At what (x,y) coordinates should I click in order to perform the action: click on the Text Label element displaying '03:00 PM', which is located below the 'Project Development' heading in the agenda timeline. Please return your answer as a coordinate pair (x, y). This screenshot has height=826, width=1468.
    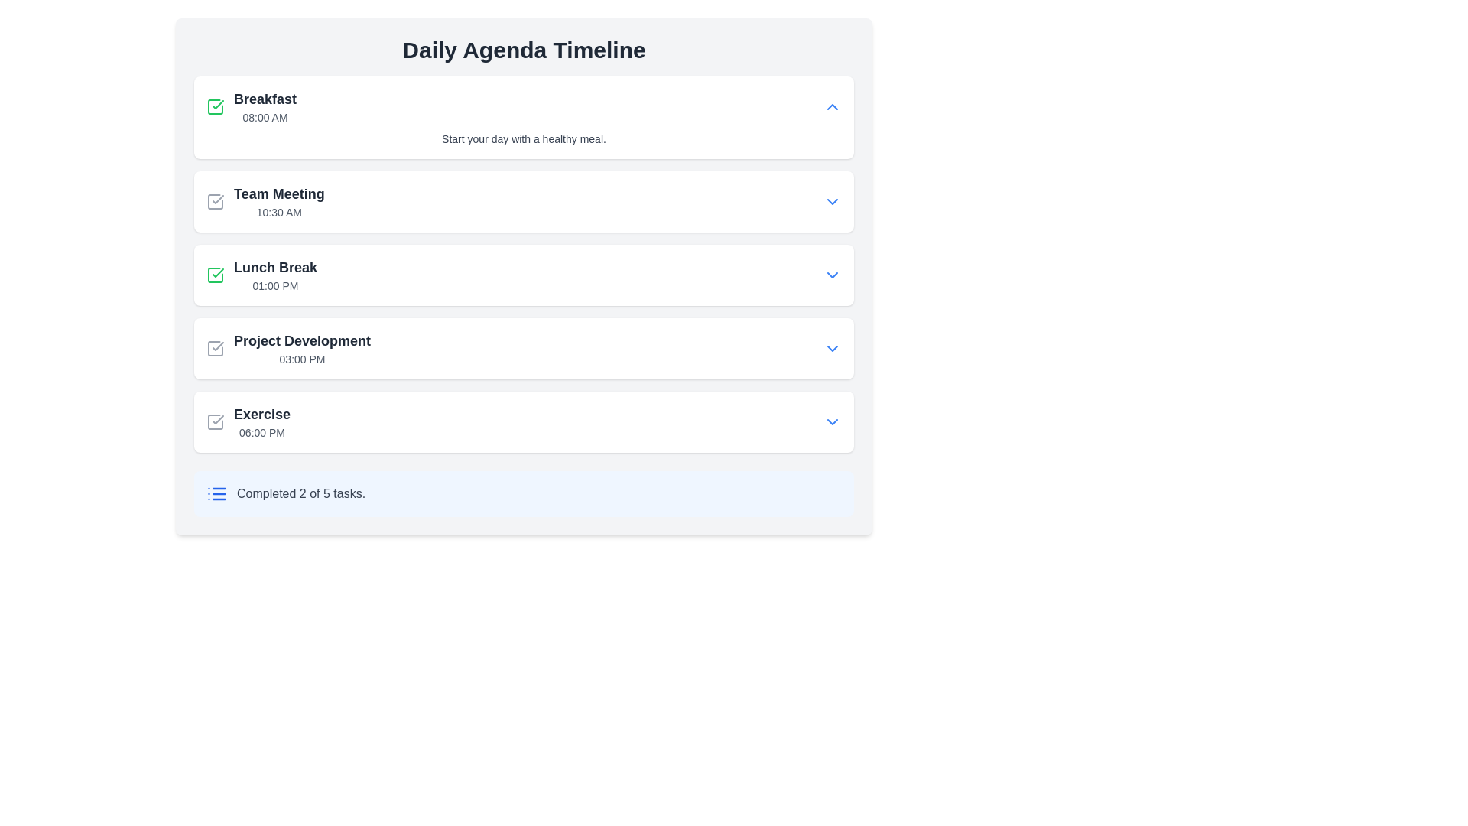
    Looking at the image, I should click on (302, 359).